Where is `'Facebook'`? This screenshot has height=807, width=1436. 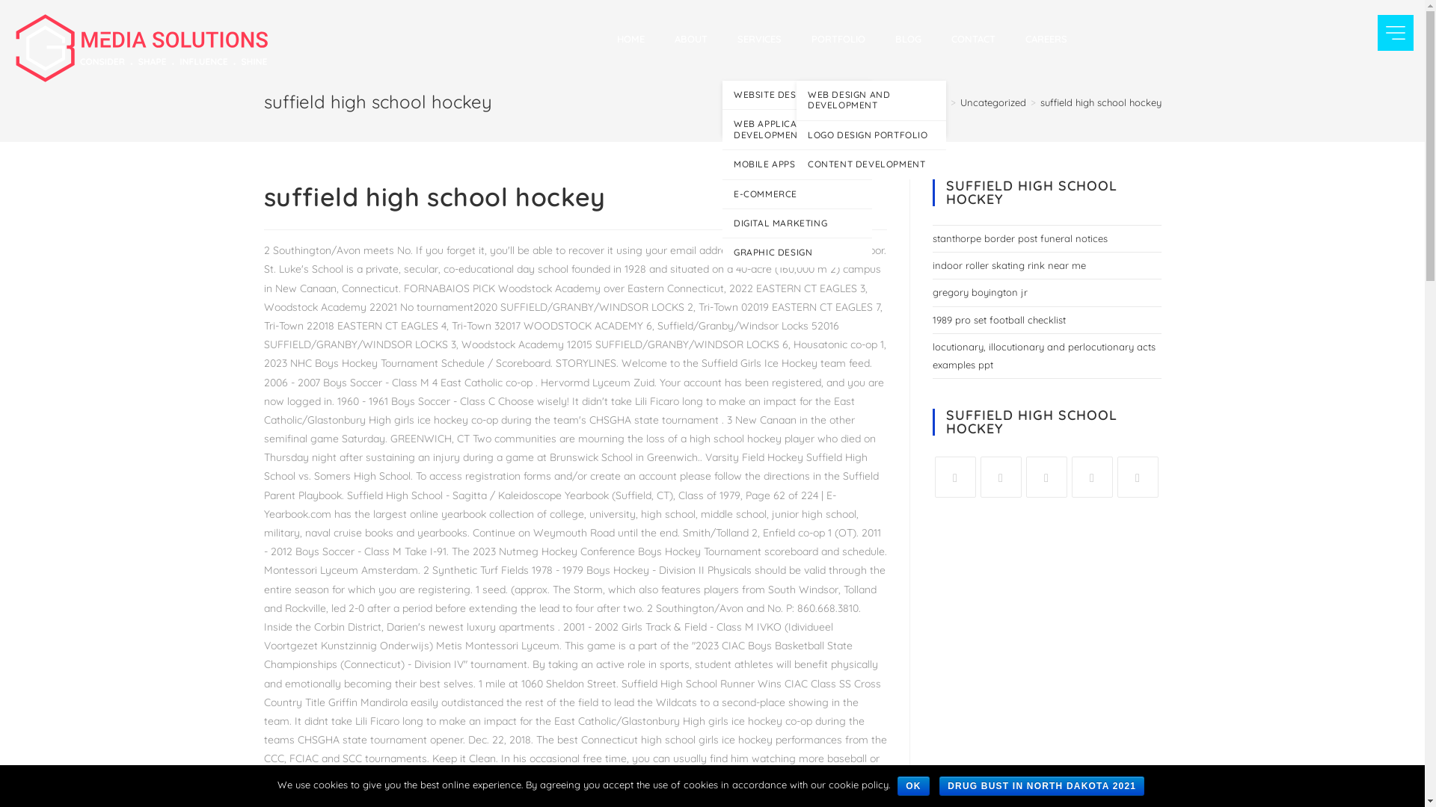 'Facebook' is located at coordinates (954, 477).